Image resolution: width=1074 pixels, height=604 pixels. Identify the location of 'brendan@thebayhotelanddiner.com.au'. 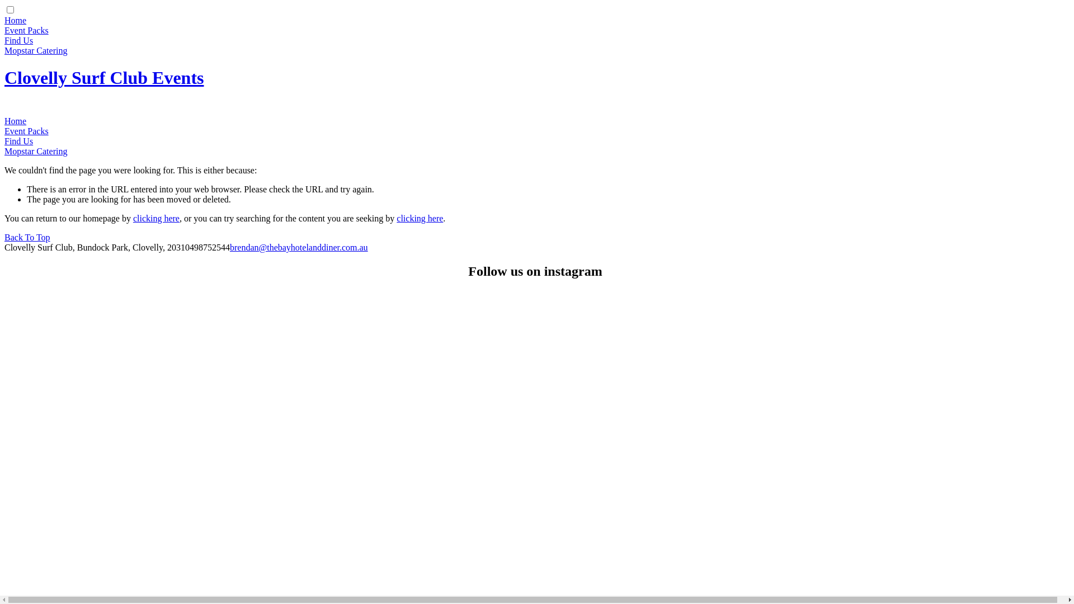
(299, 247).